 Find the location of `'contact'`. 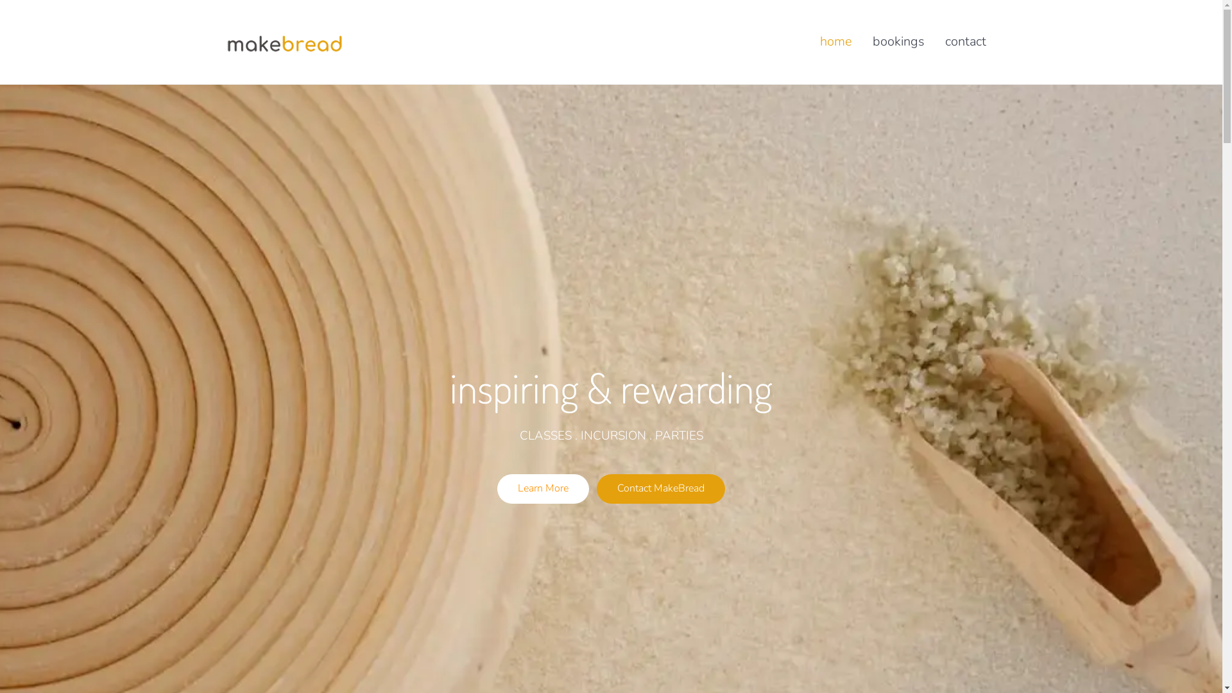

'contact' is located at coordinates (964, 41).